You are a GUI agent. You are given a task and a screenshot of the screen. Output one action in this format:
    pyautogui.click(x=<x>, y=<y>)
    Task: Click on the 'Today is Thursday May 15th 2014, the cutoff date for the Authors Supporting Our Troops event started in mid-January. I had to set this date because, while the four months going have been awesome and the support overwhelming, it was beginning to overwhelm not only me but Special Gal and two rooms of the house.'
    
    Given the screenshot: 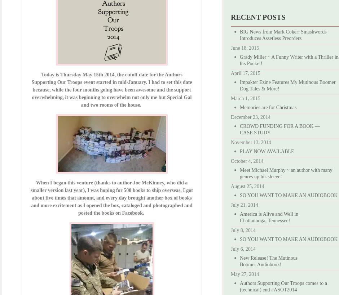 What is the action you would take?
    pyautogui.click(x=31, y=89)
    